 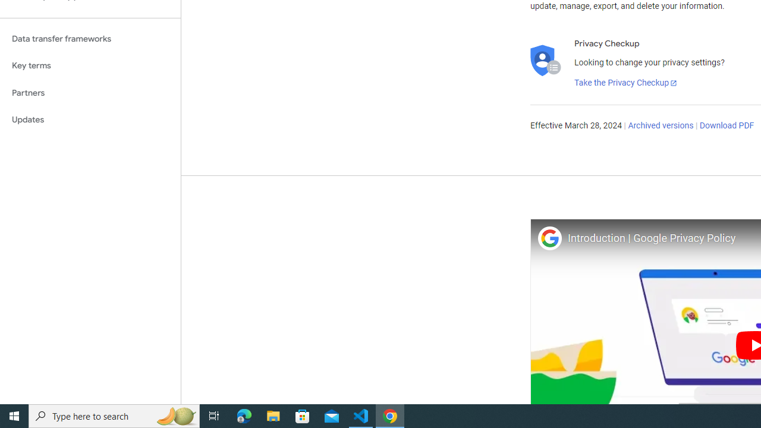 I want to click on 'Photo image of Google', so click(x=549, y=238).